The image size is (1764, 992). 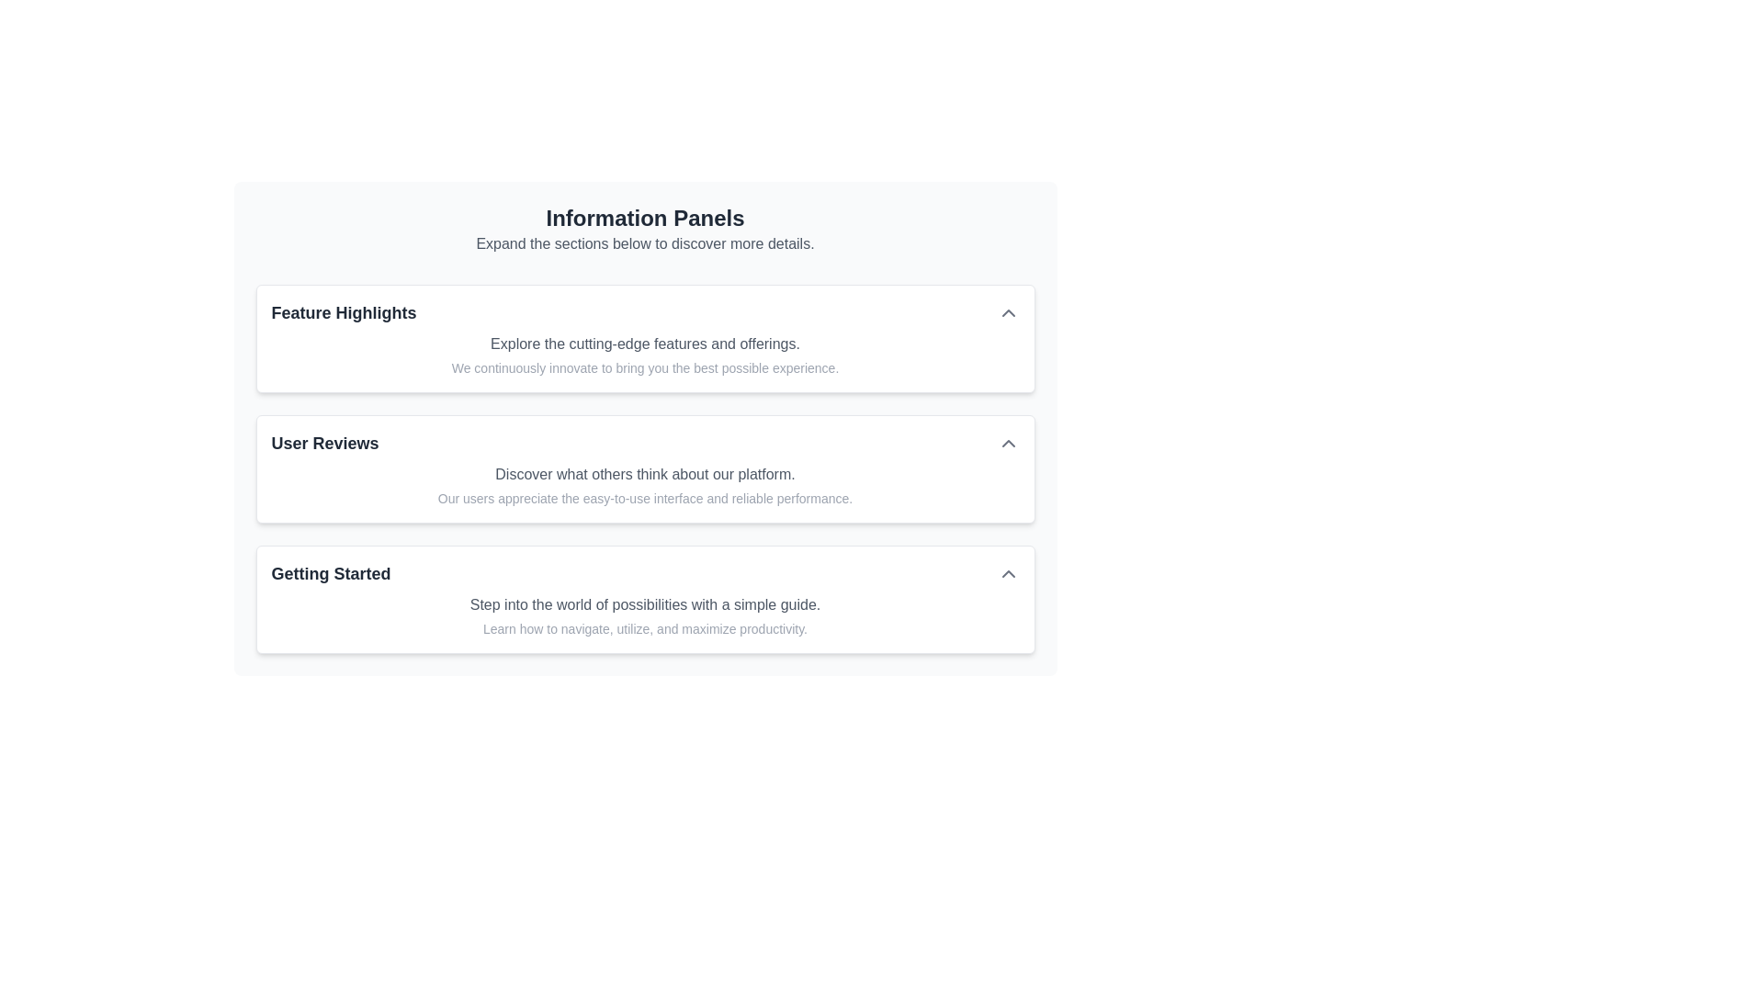 I want to click on the text label displaying 'Feature Highlights' which is prominently placed within its section header, so click(x=344, y=311).